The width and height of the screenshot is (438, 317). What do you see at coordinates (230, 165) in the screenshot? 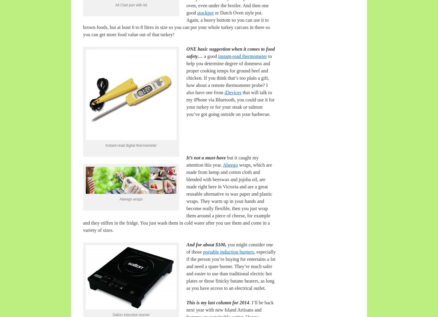
I see `'Abeego'` at bounding box center [230, 165].